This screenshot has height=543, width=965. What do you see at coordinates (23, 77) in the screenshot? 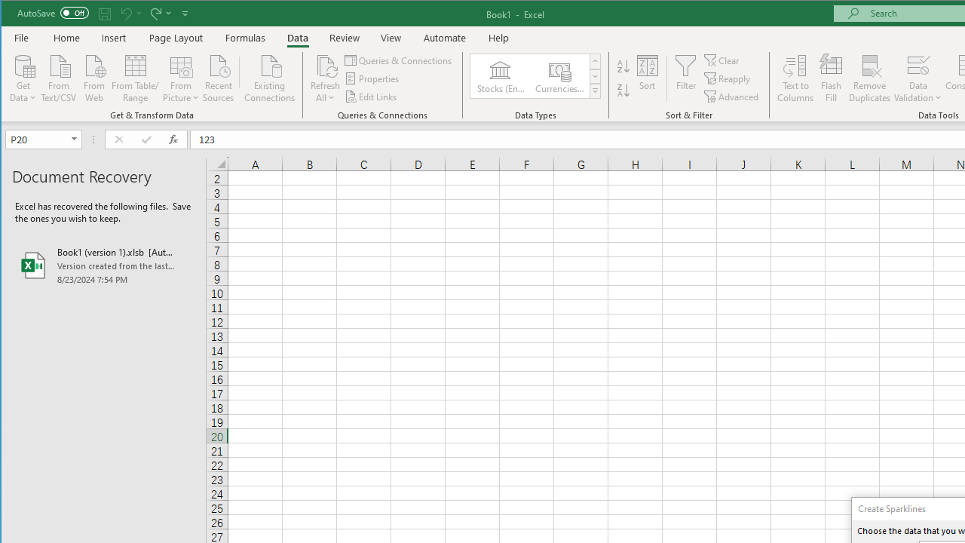
I see `'Get Data'` at bounding box center [23, 77].